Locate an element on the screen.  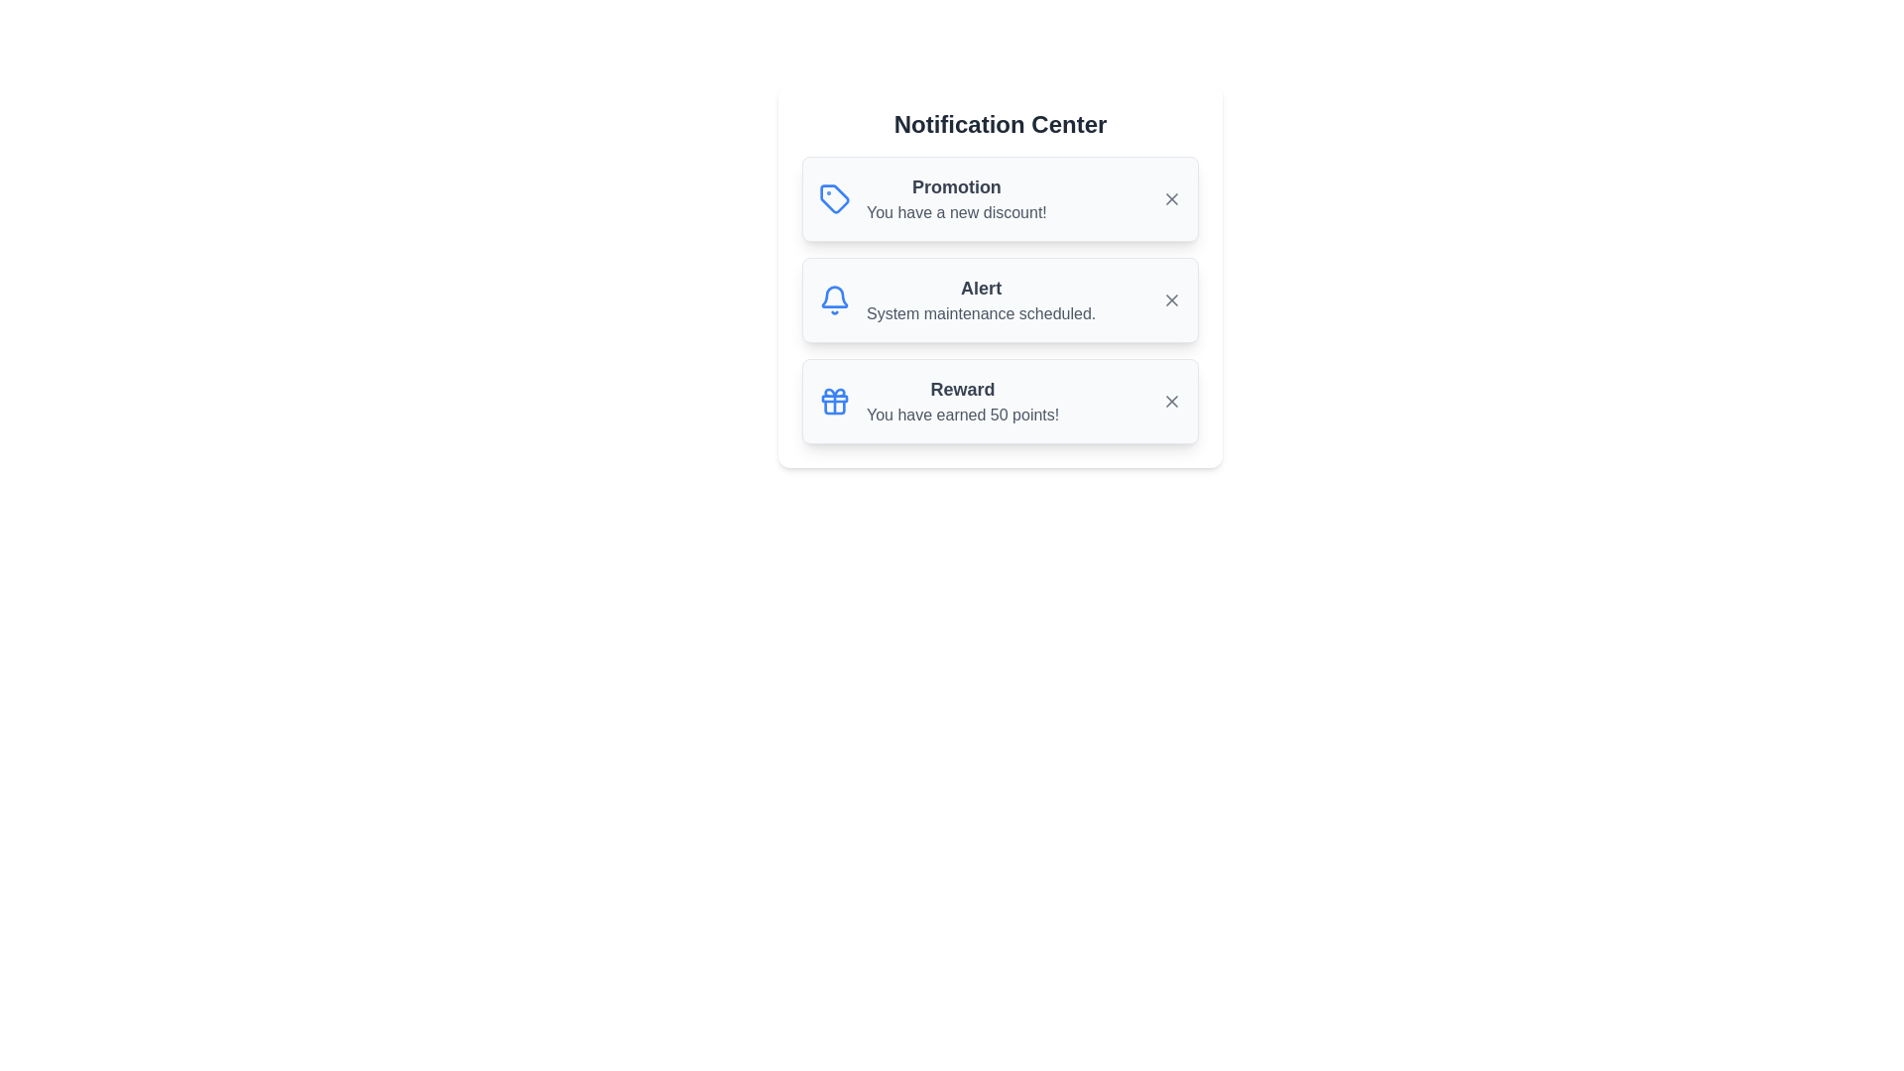
the alert icon located inside the second notification card titled 'Alert' in the 'Notification Center', positioned on the left side adjacent to the alert title and description text is located at coordinates (834, 300).